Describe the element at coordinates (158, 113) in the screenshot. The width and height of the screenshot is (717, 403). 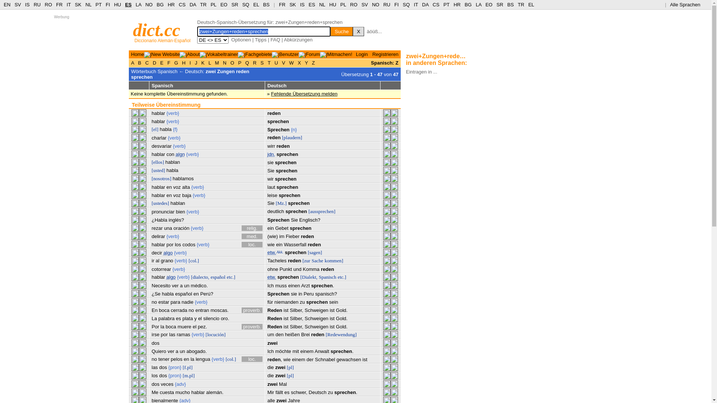
I see `'hablar'` at that location.